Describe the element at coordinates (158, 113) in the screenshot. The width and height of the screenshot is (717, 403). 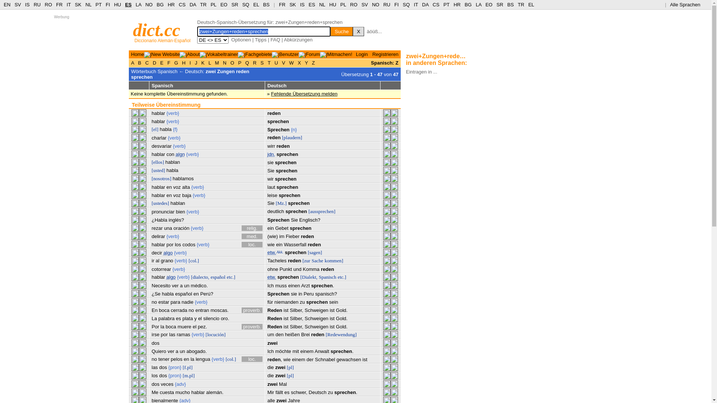
I see `'hablar'` at that location.